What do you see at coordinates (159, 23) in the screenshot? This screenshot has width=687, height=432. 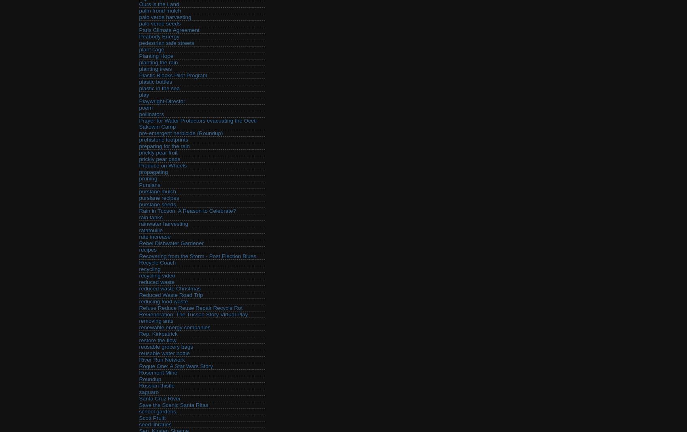 I see `'palo verde seeds'` at bounding box center [159, 23].